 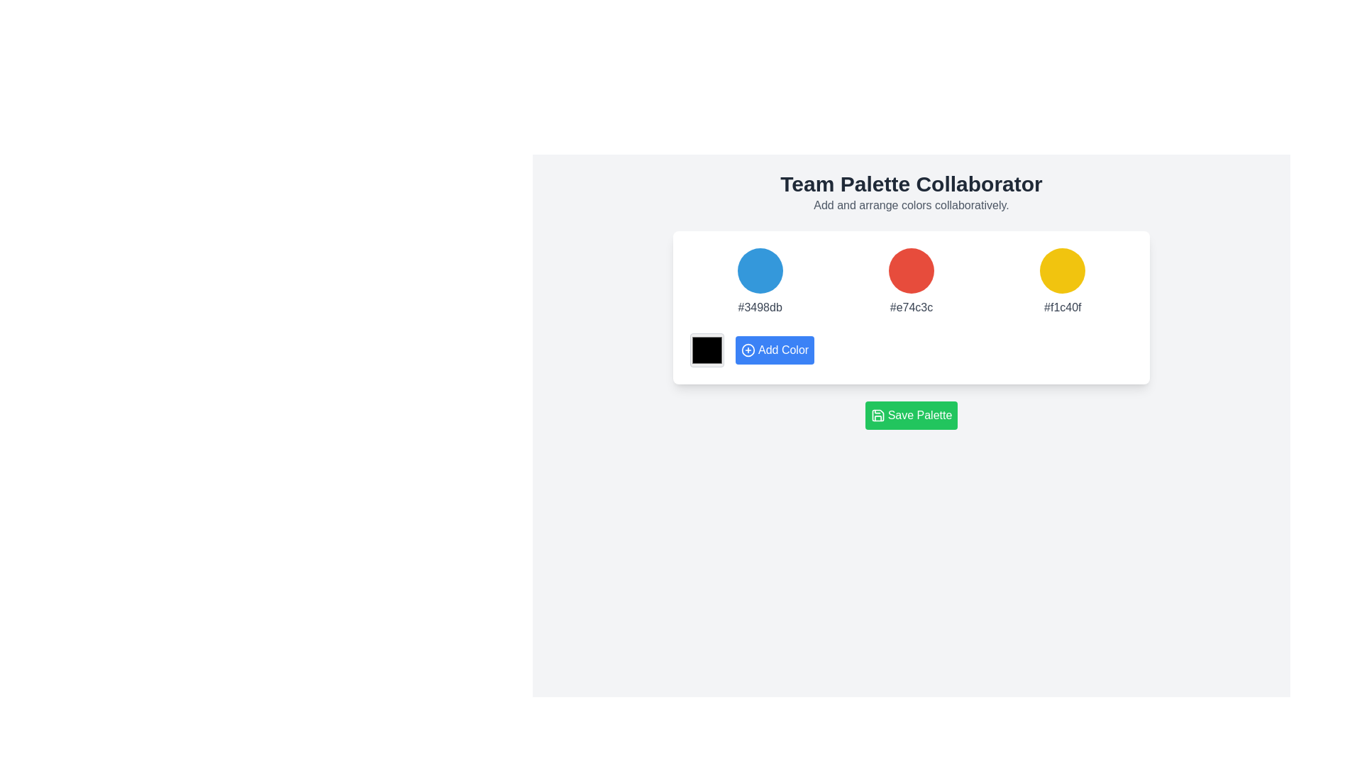 What do you see at coordinates (912, 282) in the screenshot?
I see `the middle red color swatch labeled '#e74c3c'` at bounding box center [912, 282].